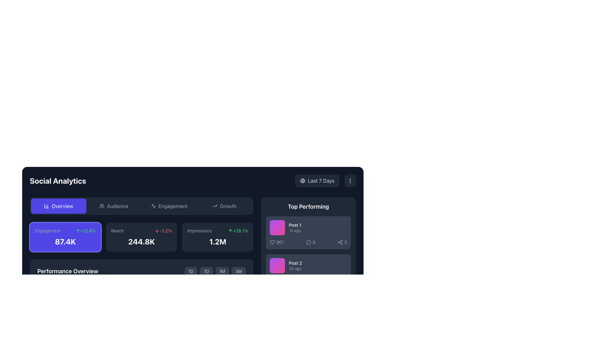 This screenshot has width=608, height=342. What do you see at coordinates (342, 242) in the screenshot?
I see `the share count icon located in the bottom-right section of the 'Post 1' card under 'Top Performing', which is the third count-label pair after '961' and '8'` at bounding box center [342, 242].